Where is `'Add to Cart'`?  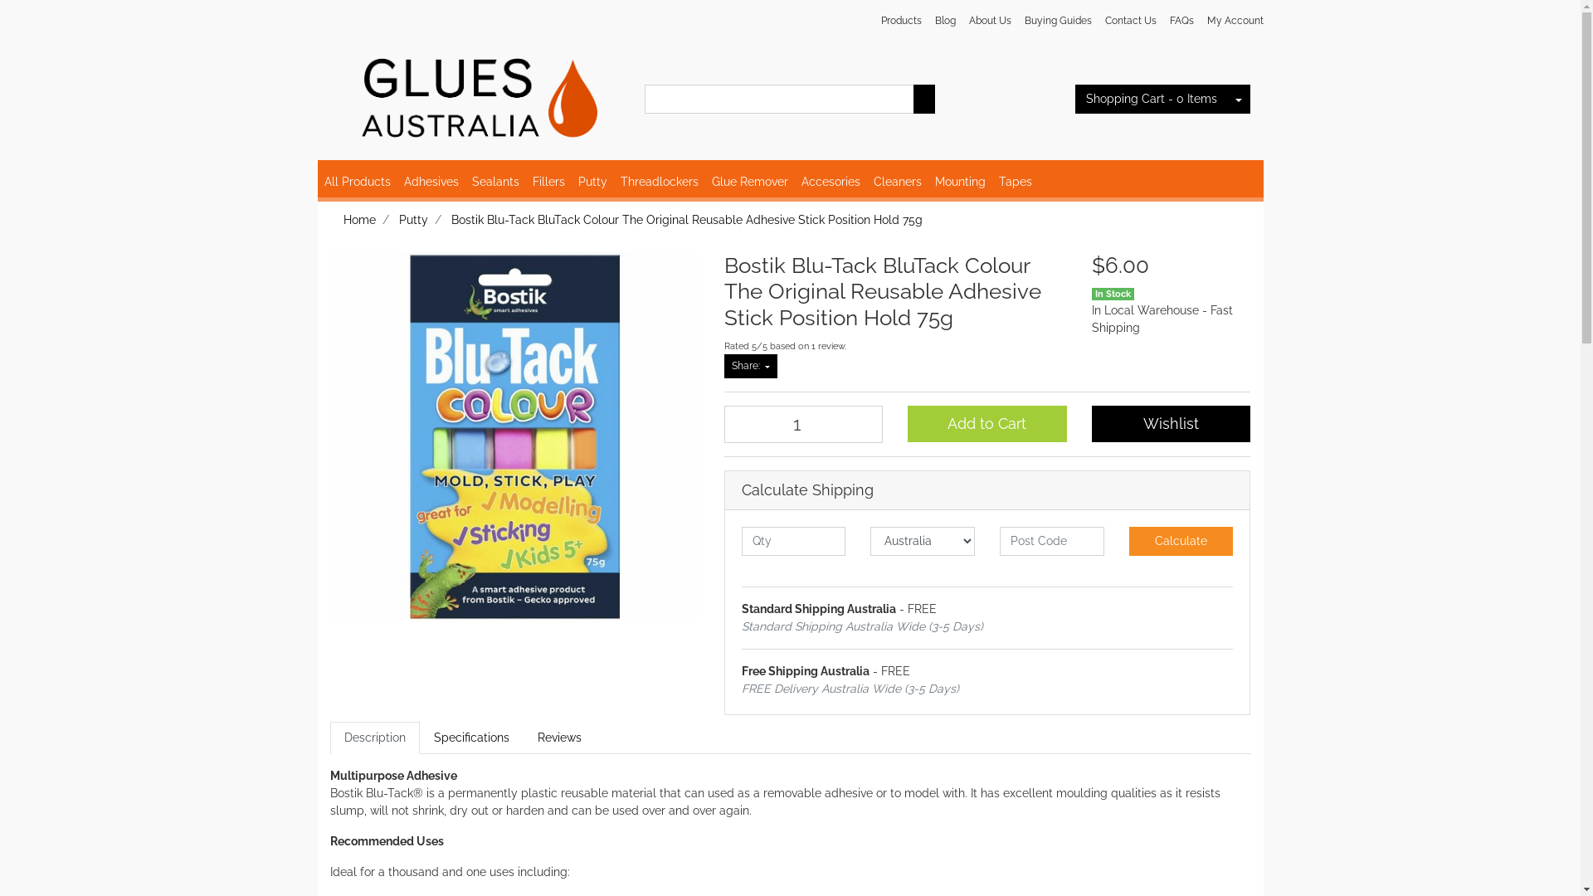 'Add to Cart' is located at coordinates (987, 422).